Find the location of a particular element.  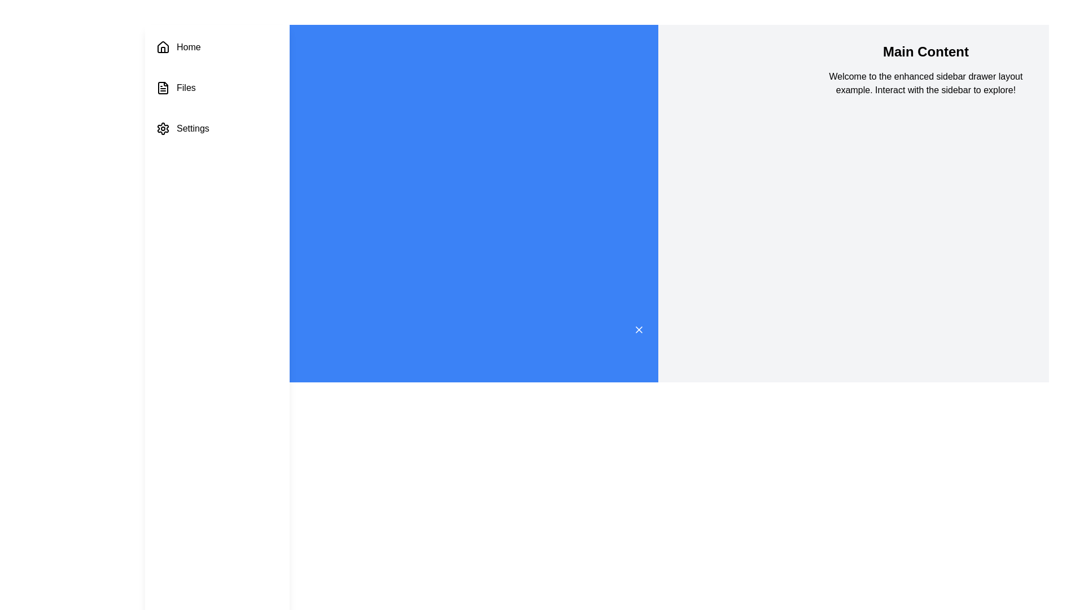

the menu item Home to navigate to the corresponding section is located at coordinates (217, 47).